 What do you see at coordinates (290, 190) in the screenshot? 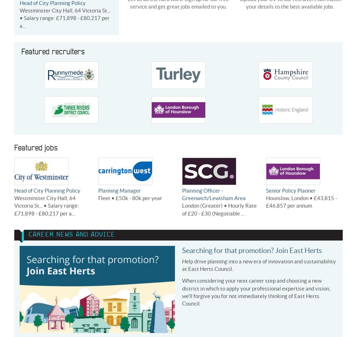
I see `'Senior Policy Planner'` at bounding box center [290, 190].